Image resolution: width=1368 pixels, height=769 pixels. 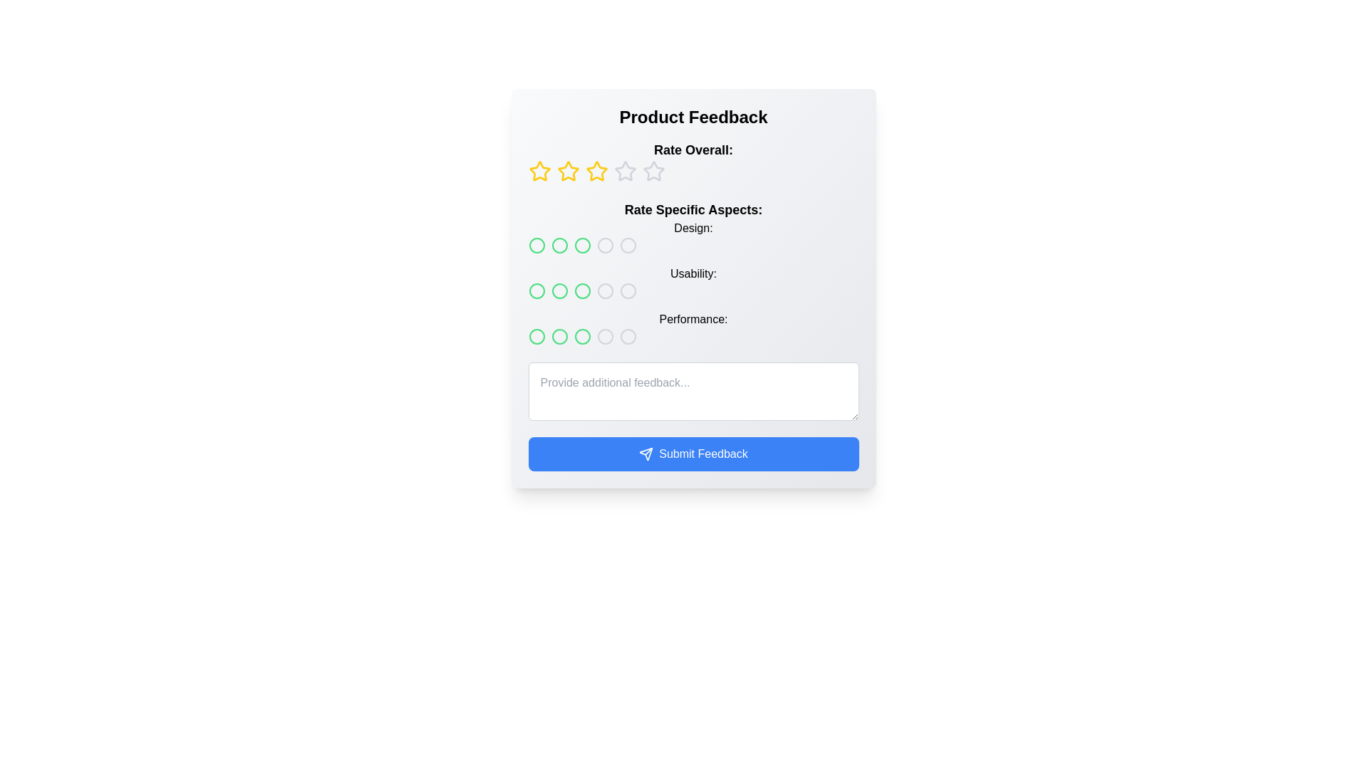 What do you see at coordinates (567, 170) in the screenshot?
I see `the second star in the rating system to set a rating under the 'Rate Overall' label` at bounding box center [567, 170].